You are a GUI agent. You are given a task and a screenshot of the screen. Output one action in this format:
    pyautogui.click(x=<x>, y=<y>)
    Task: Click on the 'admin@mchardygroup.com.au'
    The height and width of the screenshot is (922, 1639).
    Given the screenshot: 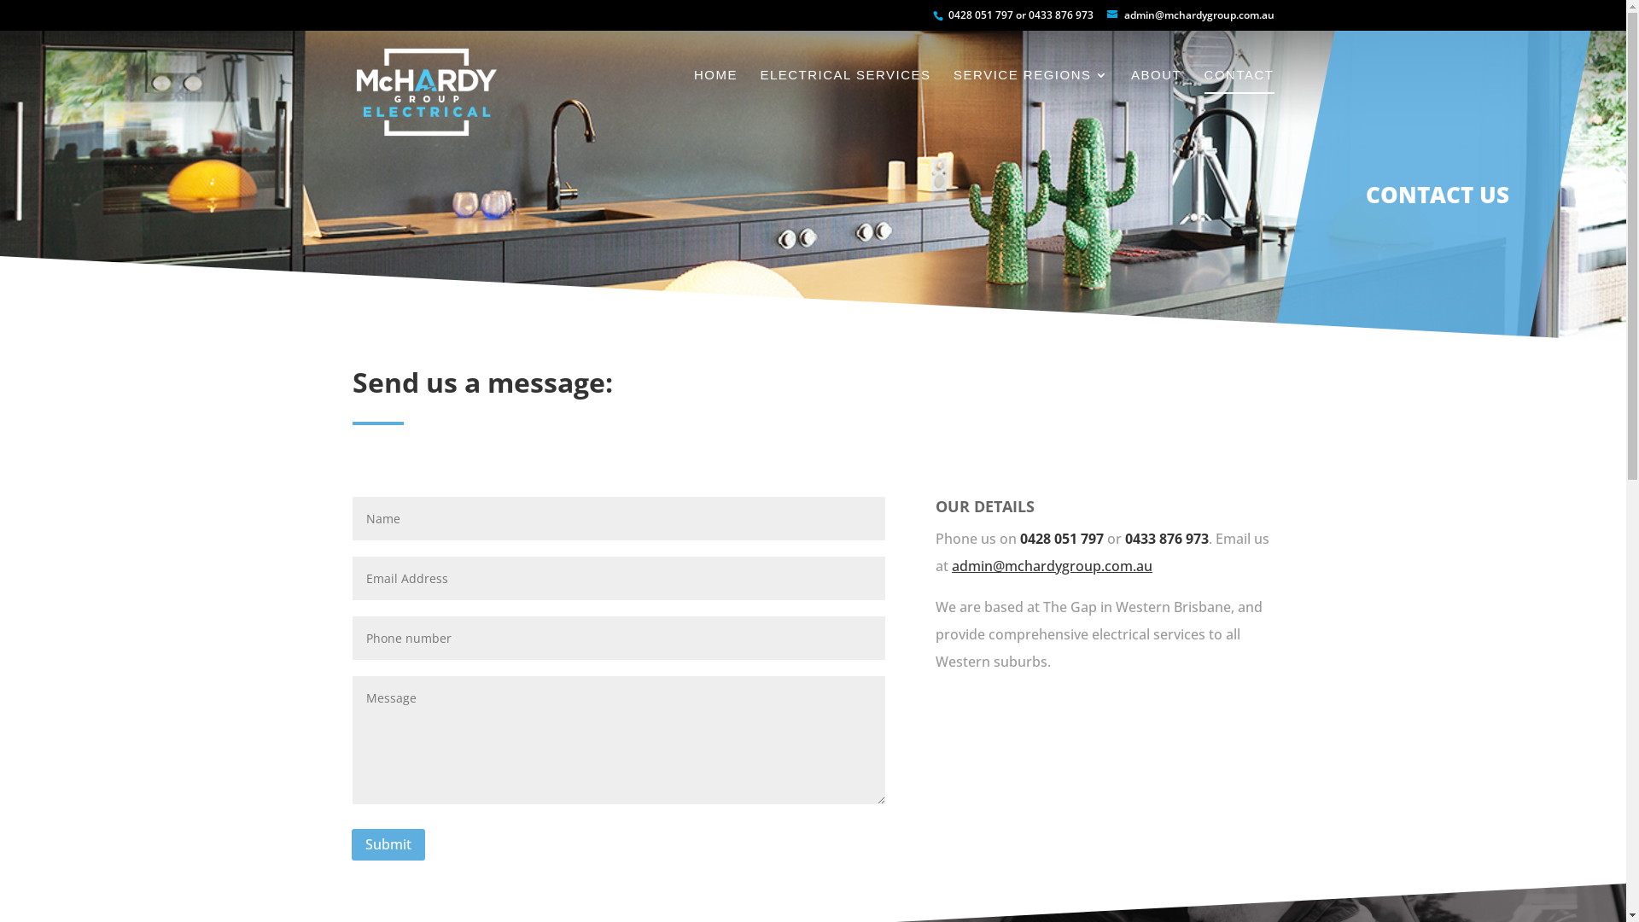 What is the action you would take?
    pyautogui.click(x=1051, y=566)
    